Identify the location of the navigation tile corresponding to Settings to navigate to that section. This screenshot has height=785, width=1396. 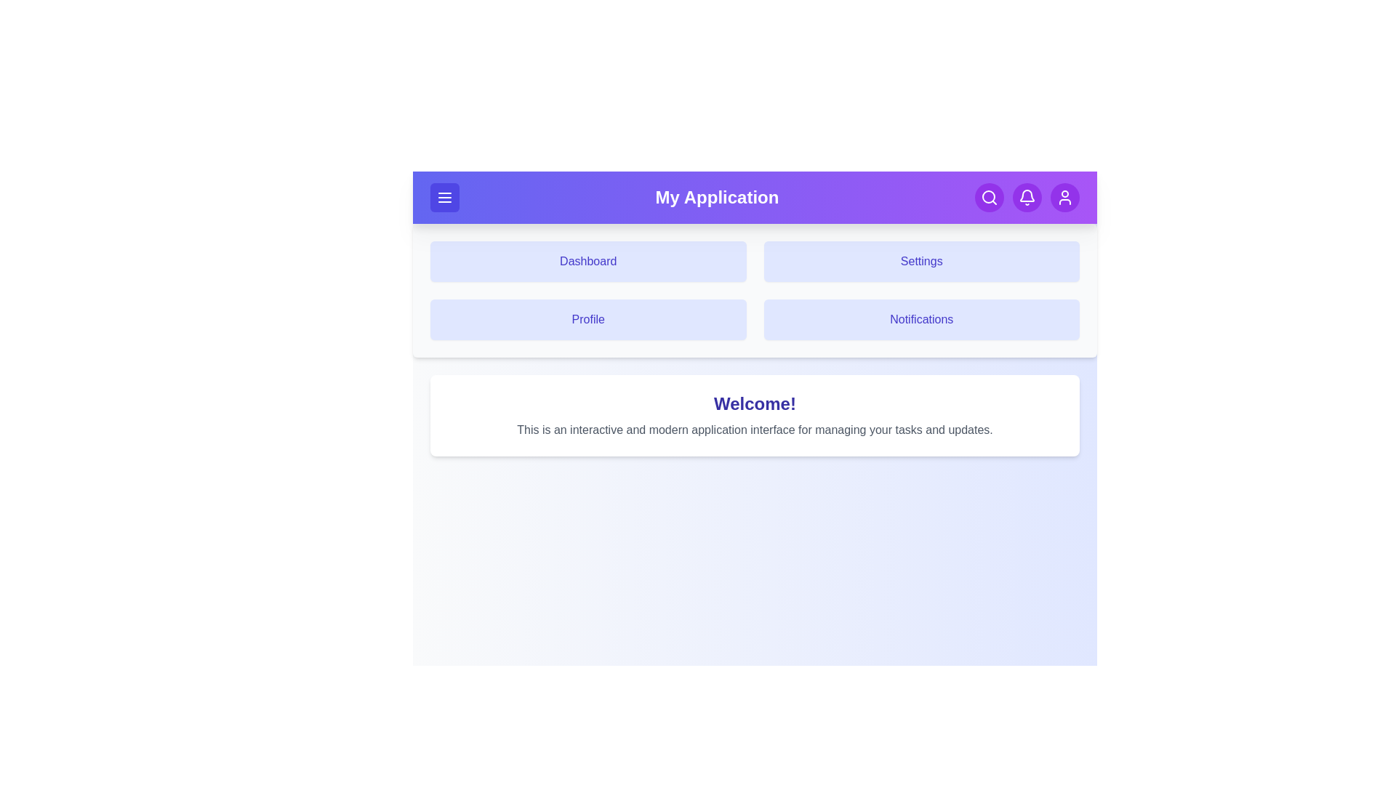
(920, 260).